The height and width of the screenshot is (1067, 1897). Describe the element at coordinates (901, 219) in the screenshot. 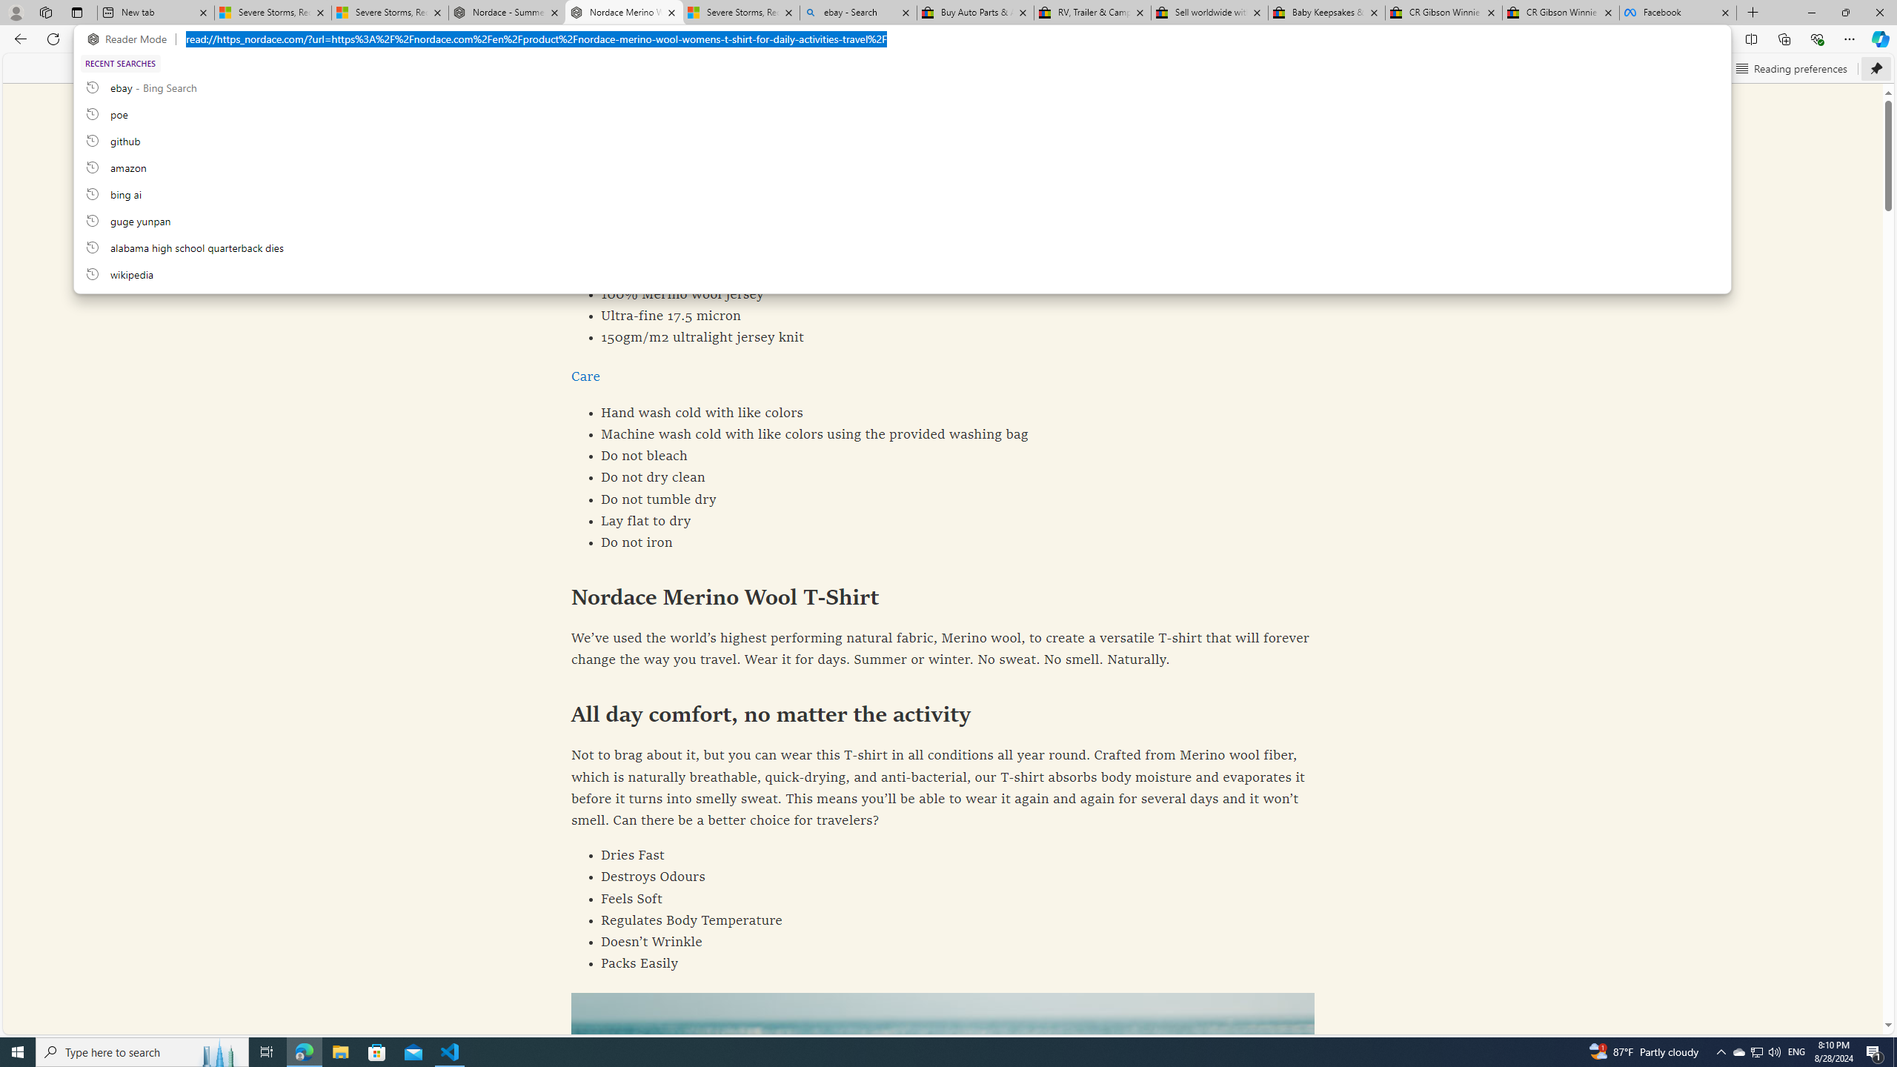

I see `'guge yunpan, recent searches from history'` at that location.